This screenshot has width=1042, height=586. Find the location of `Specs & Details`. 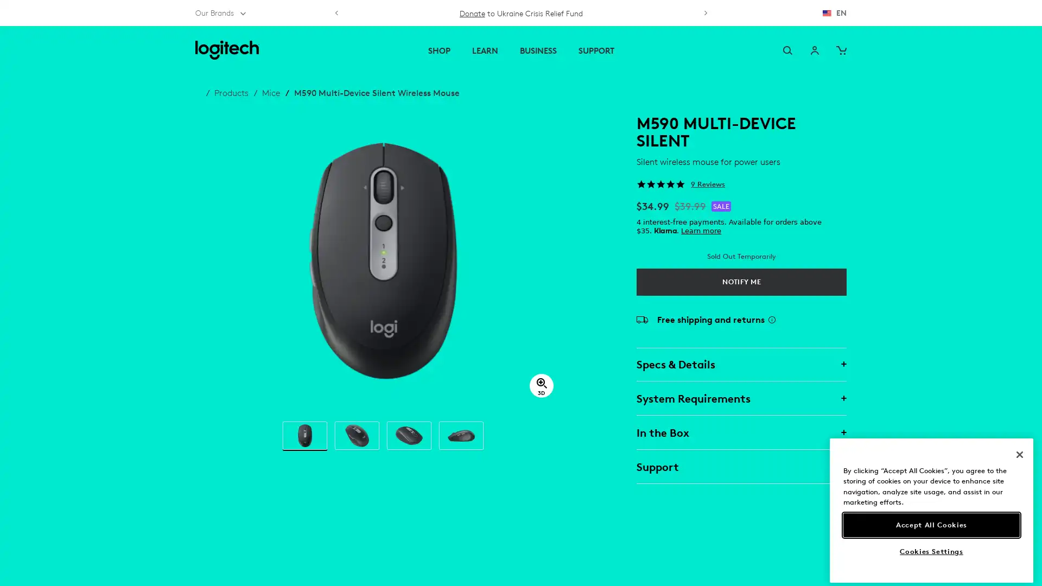

Specs & Details is located at coordinates (741, 364).